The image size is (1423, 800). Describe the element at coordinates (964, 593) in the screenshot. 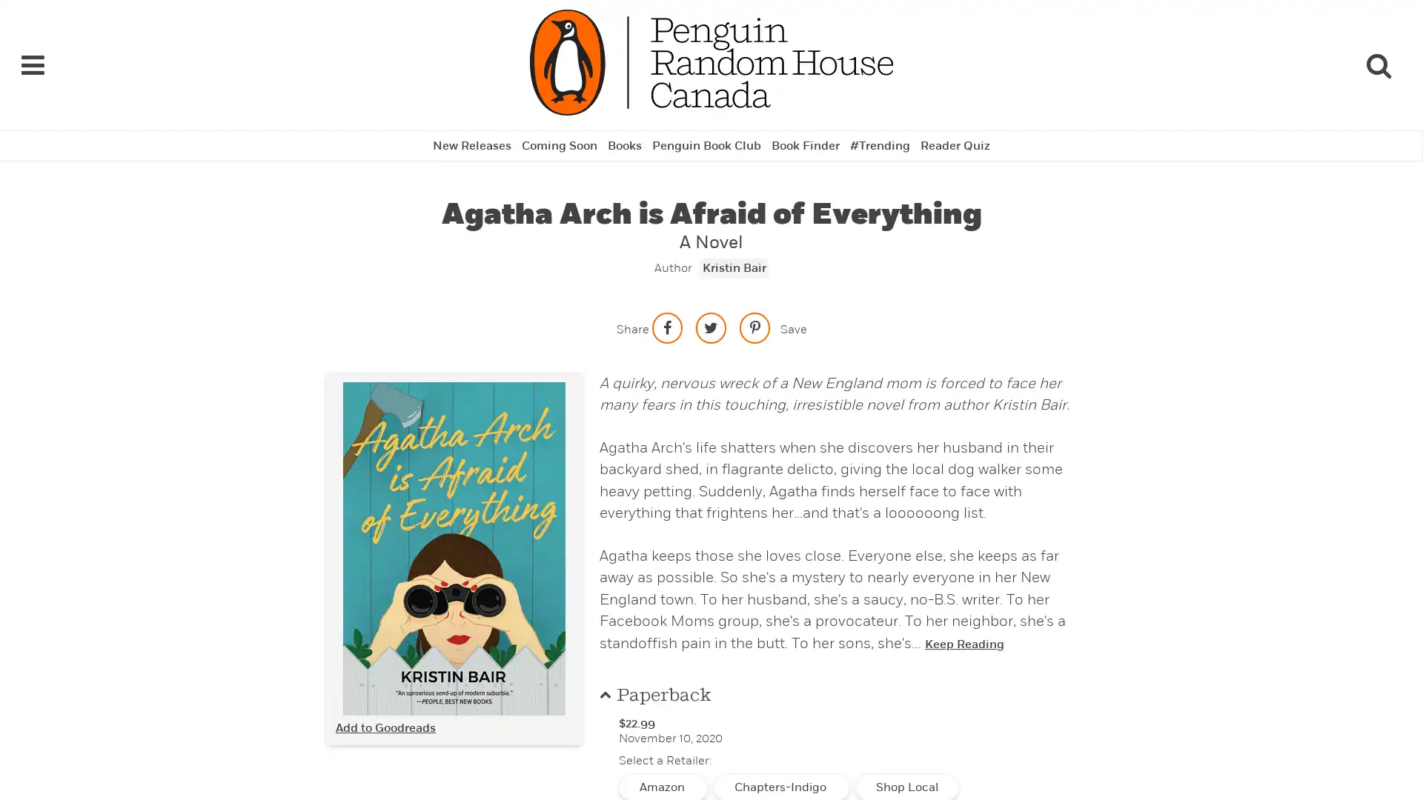

I see `Keep Reading` at that location.